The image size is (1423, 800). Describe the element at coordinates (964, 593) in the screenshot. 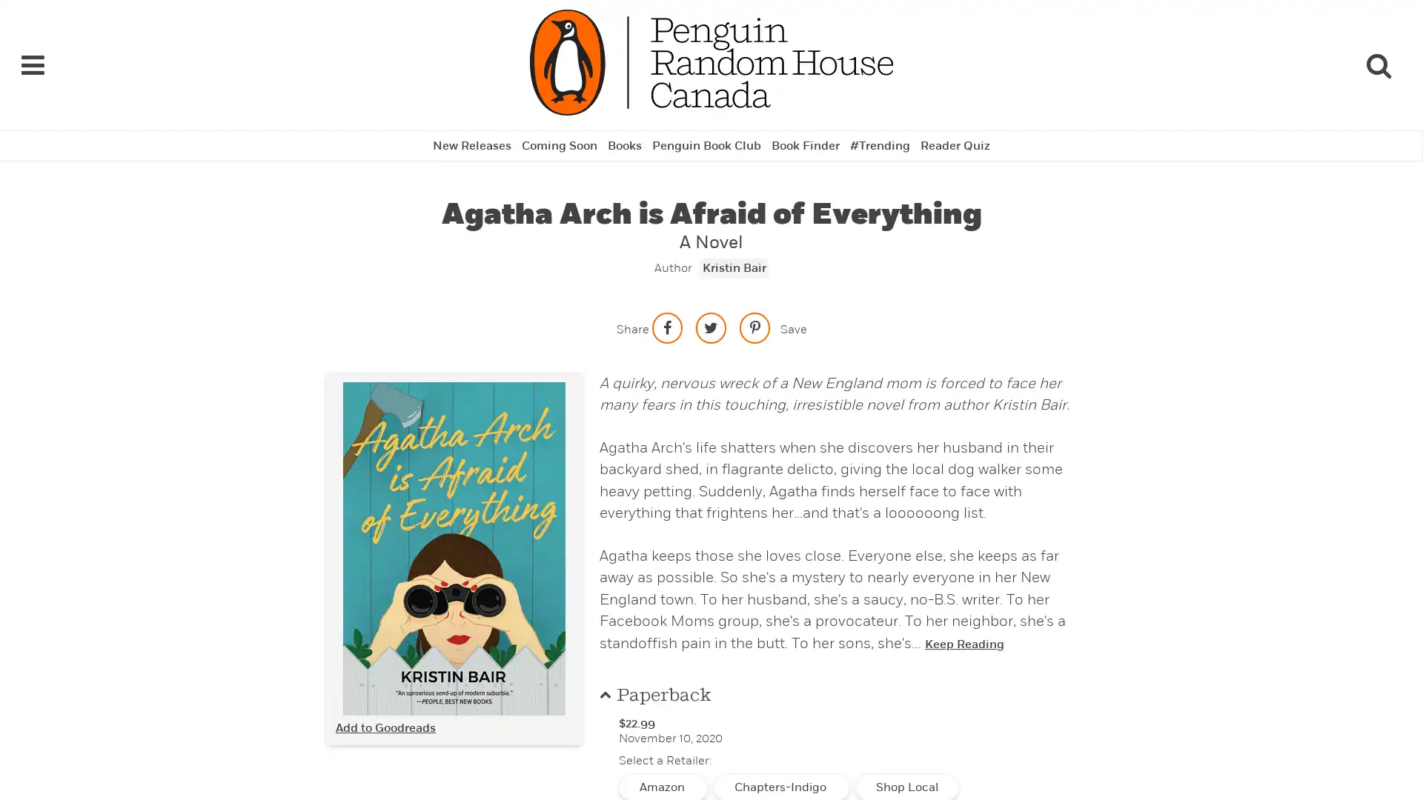

I see `Keep Reading` at that location.